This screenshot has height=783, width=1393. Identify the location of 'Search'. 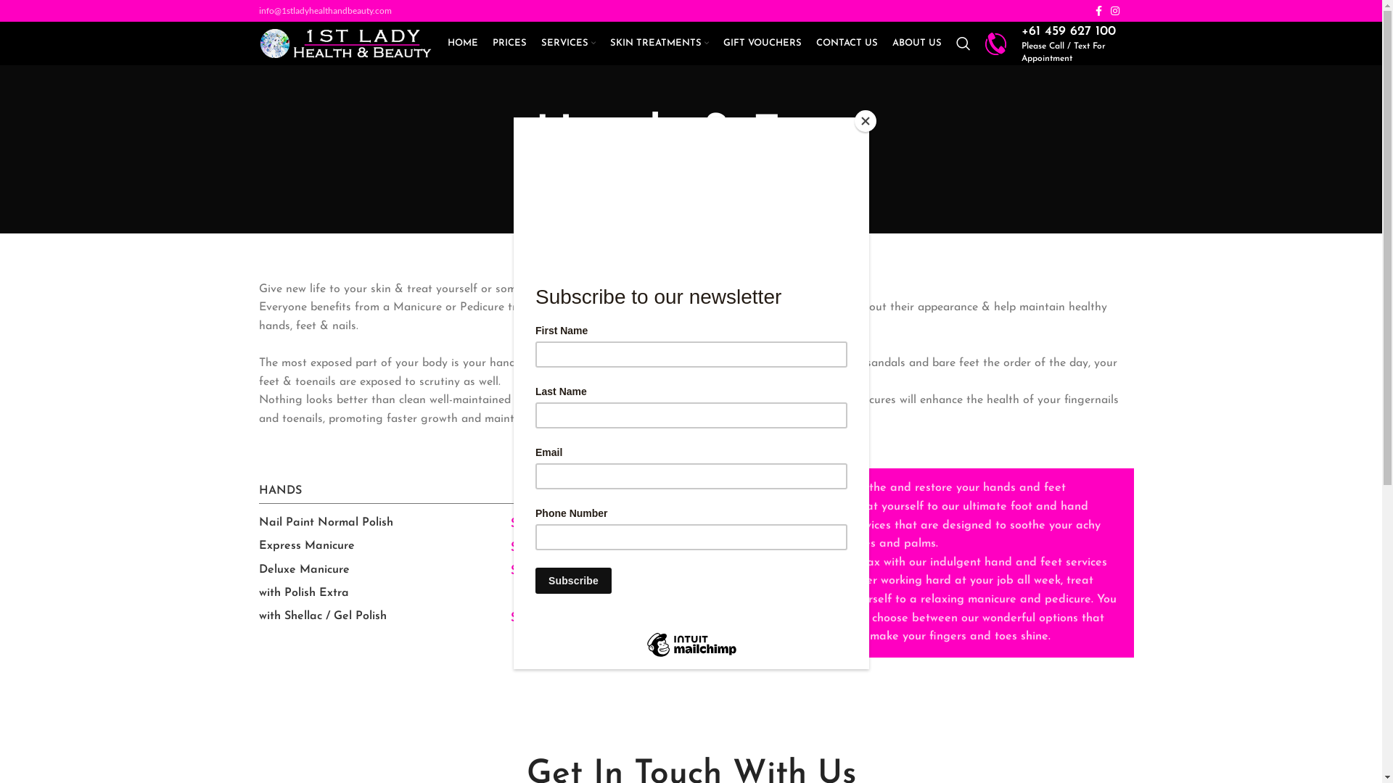
(949, 43).